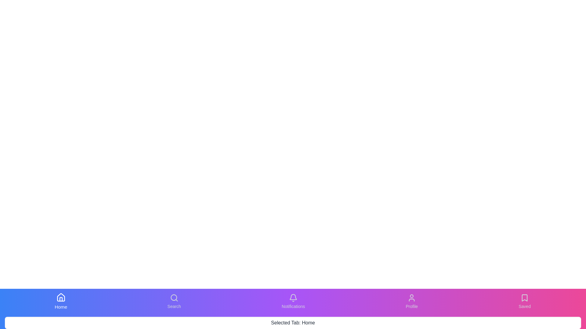  Describe the element at coordinates (293, 302) in the screenshot. I see `the tab labeled Notifications from the bottom navigation bar` at that location.